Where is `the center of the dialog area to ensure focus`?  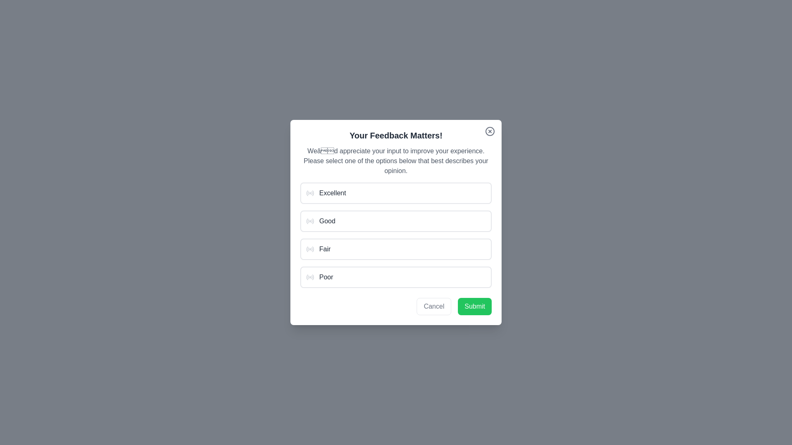 the center of the dialog area to ensure focus is located at coordinates (396, 222).